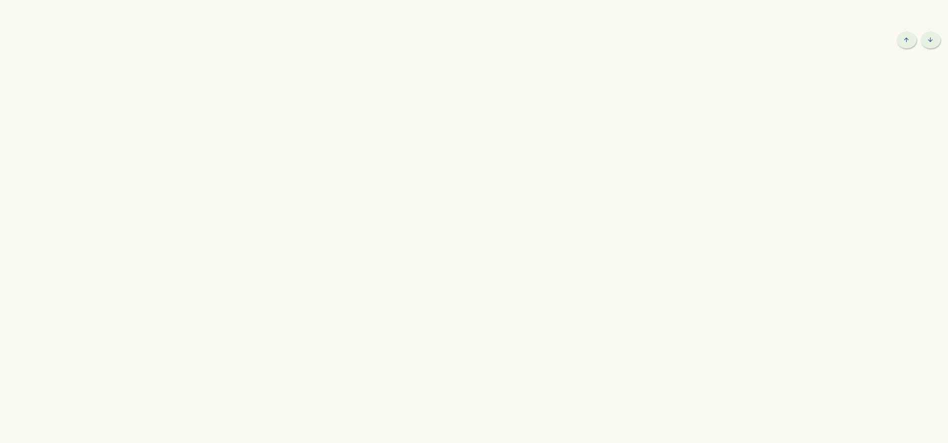 The image size is (948, 443). What do you see at coordinates (541, 42) in the screenshot?
I see `'You must log in or register to reply here.'` at bounding box center [541, 42].